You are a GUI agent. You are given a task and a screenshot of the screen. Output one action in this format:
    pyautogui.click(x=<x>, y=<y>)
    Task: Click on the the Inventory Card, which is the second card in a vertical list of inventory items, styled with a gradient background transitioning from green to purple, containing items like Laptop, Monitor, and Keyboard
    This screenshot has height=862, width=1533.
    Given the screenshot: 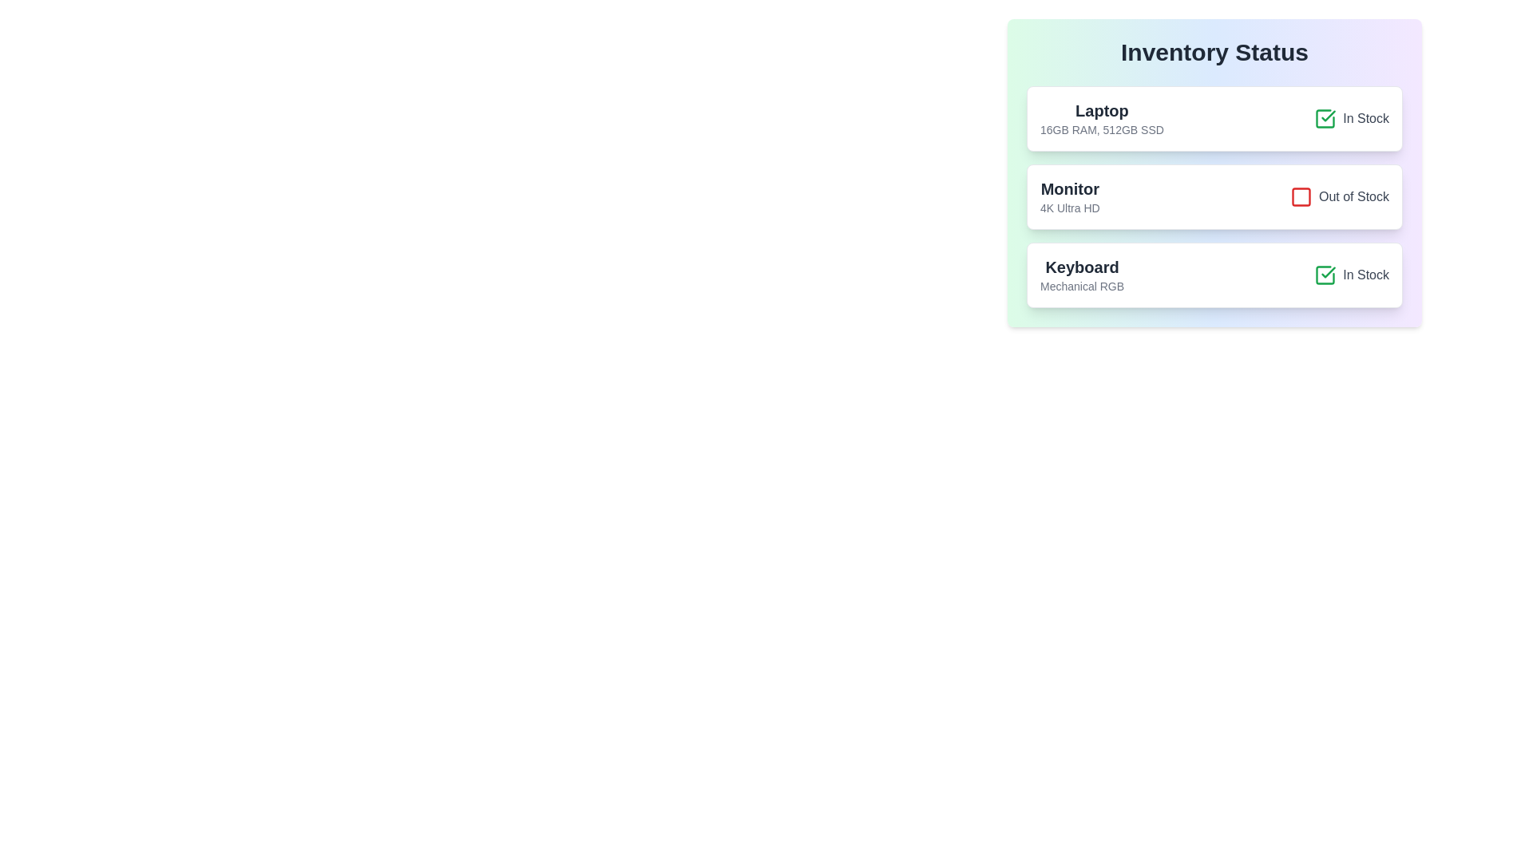 What is the action you would take?
    pyautogui.click(x=1214, y=172)
    